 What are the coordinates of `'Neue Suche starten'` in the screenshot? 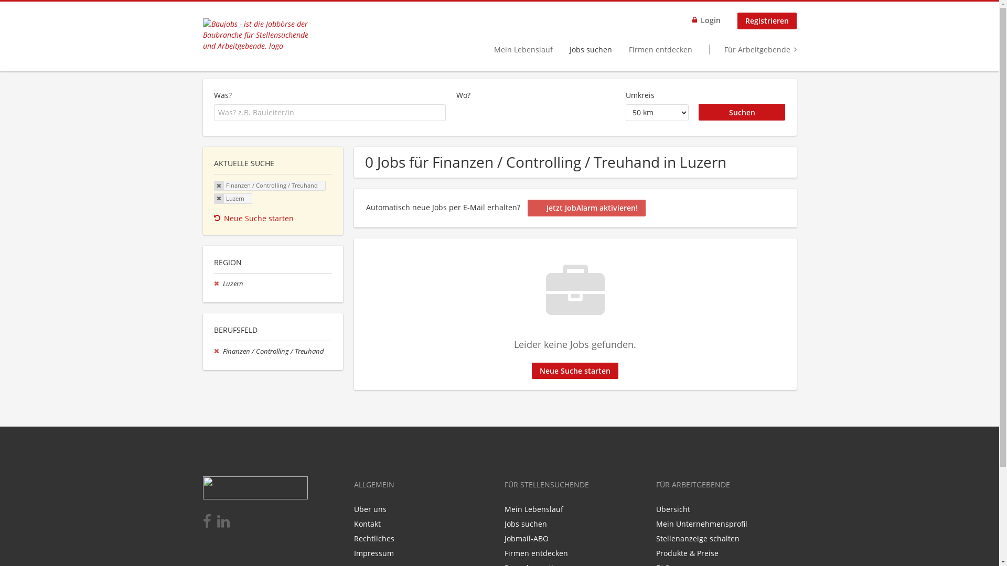 It's located at (574, 371).